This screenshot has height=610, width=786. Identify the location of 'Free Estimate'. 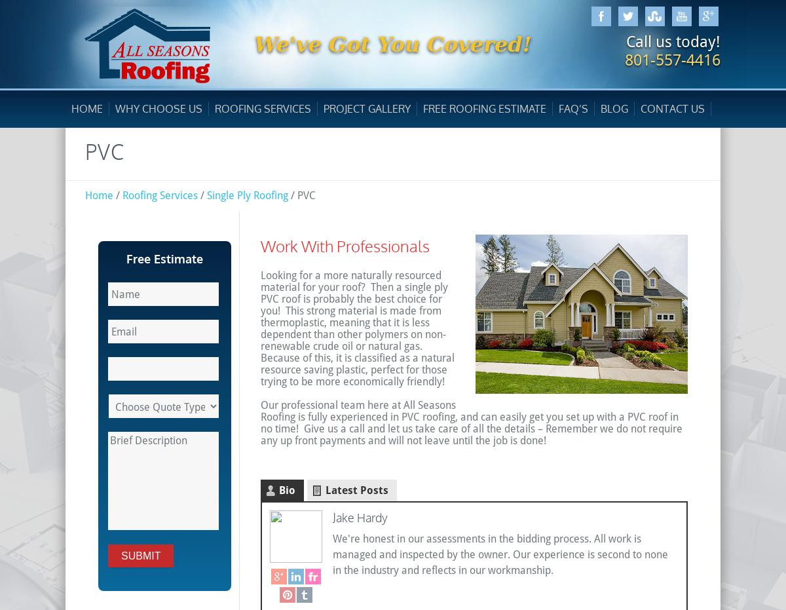
(163, 259).